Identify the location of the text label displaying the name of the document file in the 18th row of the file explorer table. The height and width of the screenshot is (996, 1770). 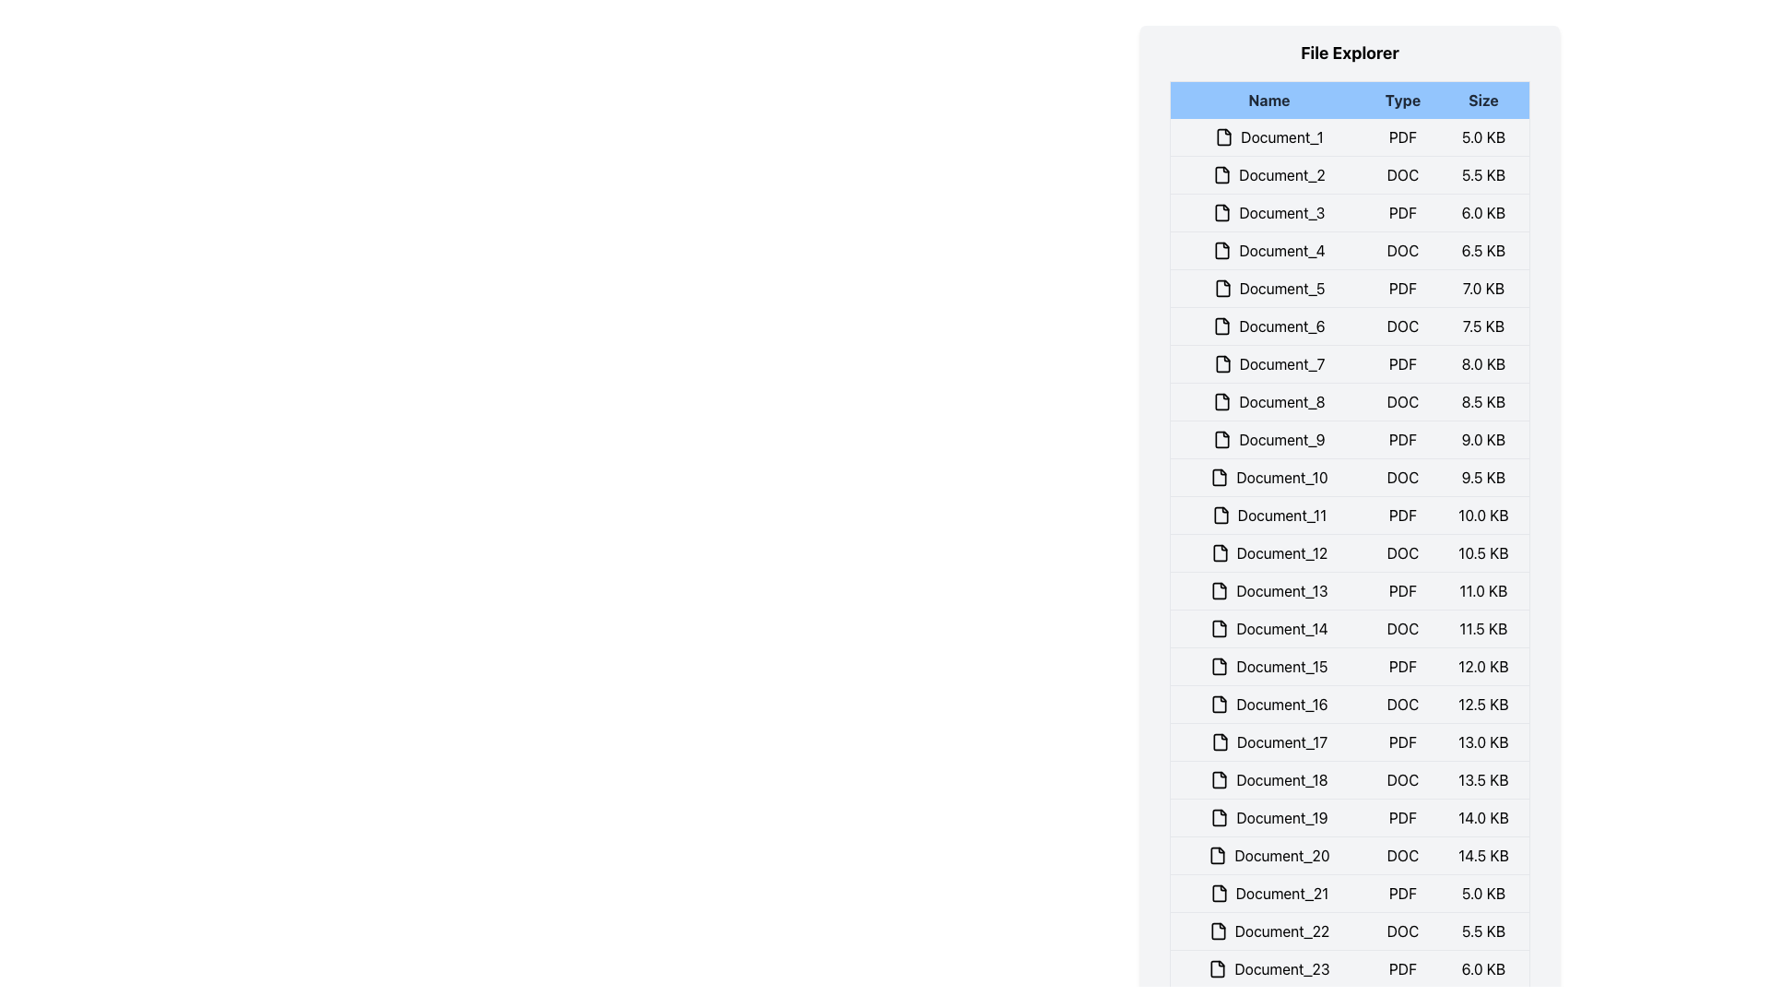
(1268, 779).